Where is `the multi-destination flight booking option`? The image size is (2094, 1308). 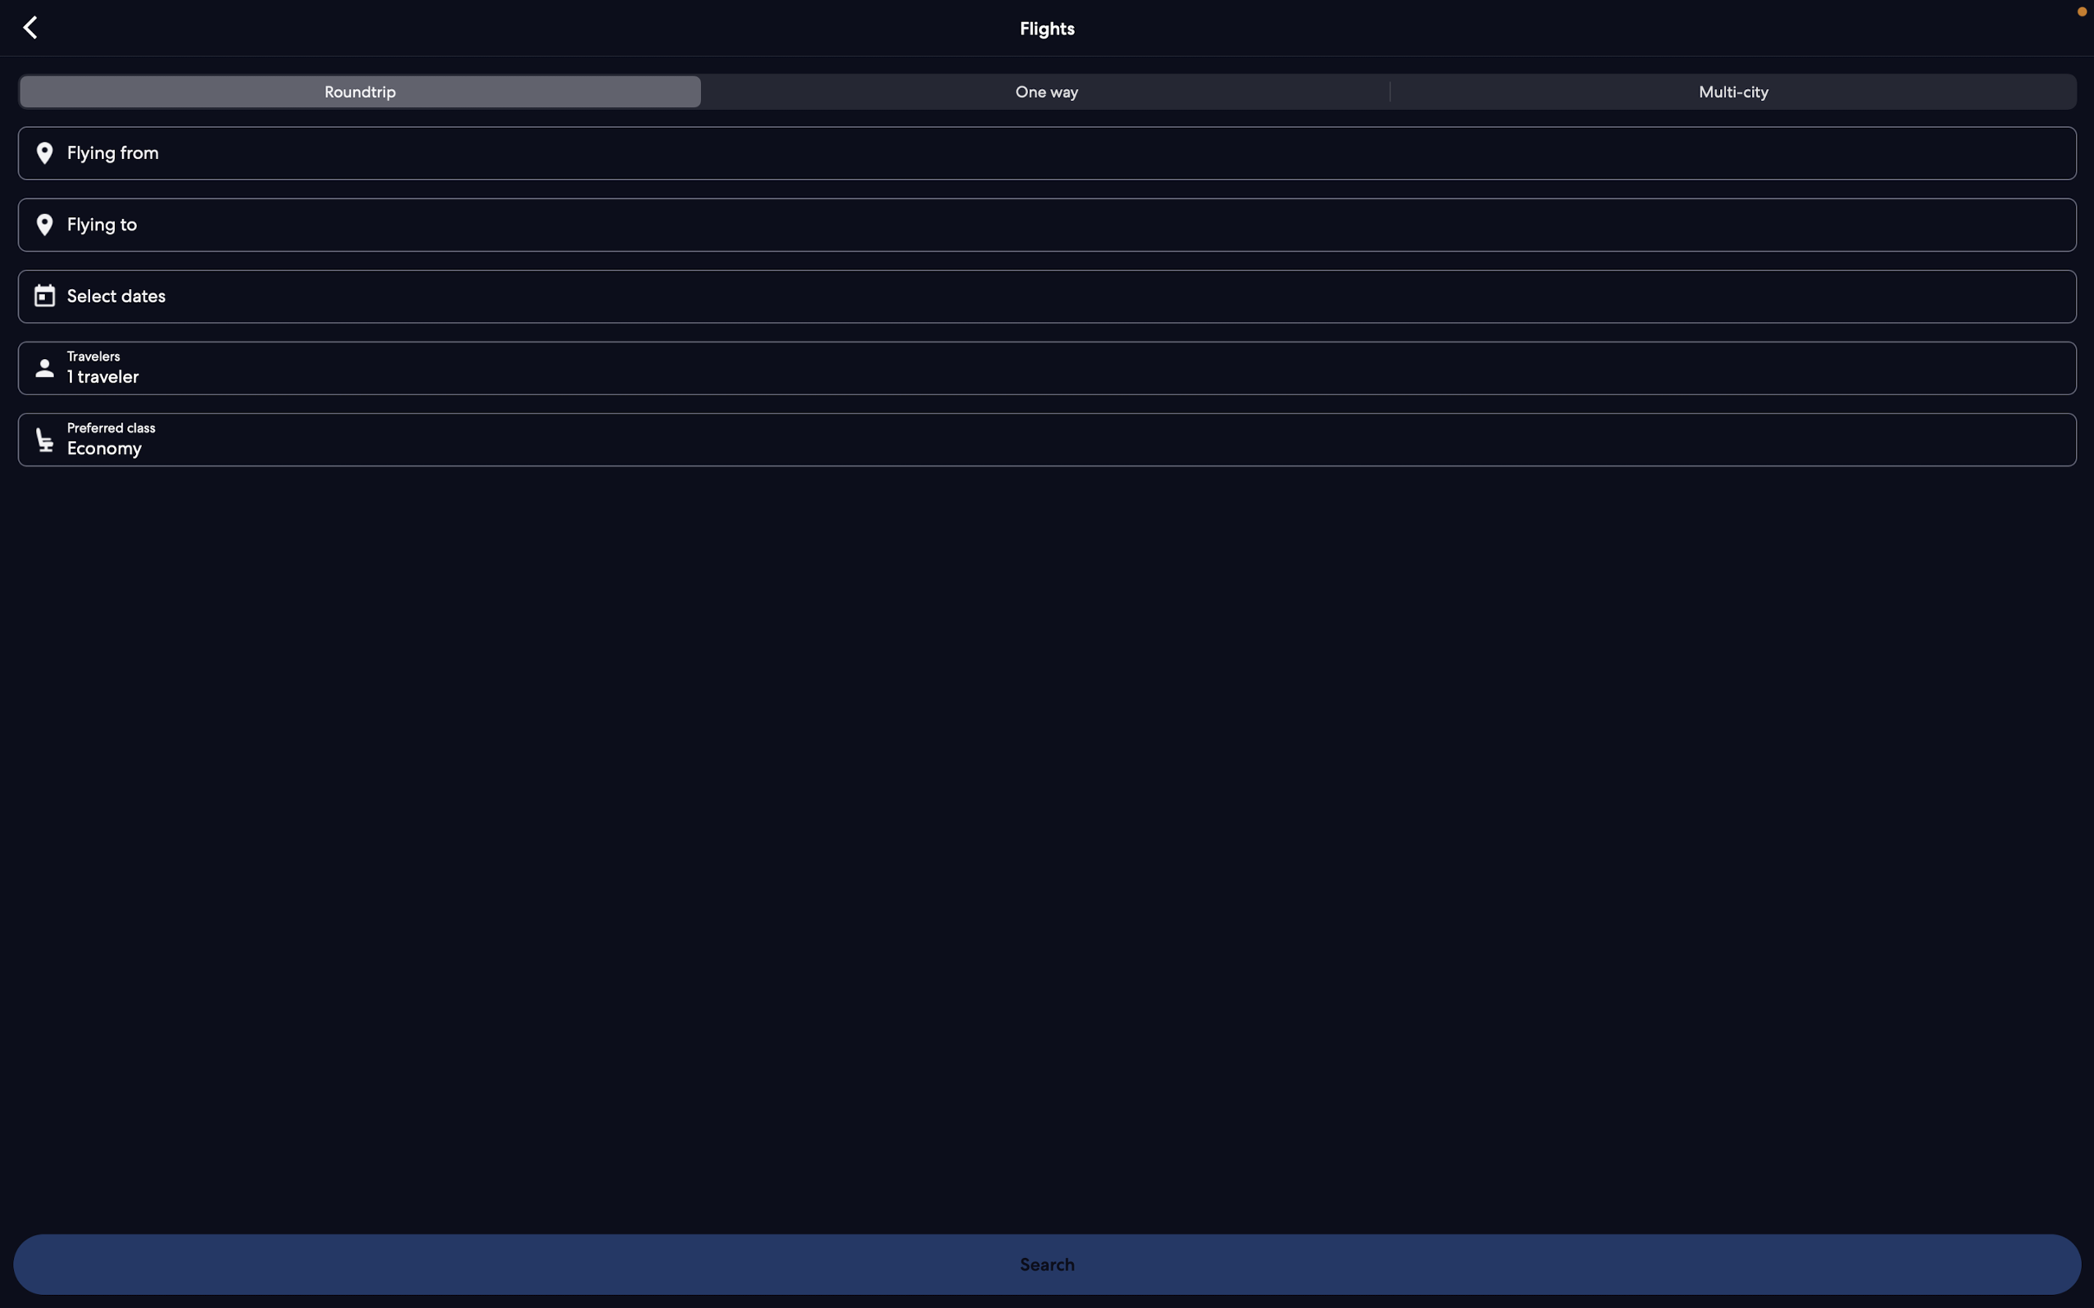 the multi-destination flight booking option is located at coordinates (1728, 94).